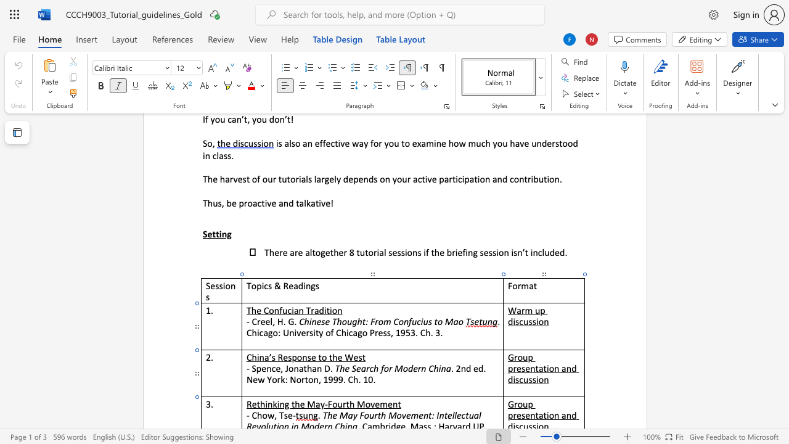 This screenshot has width=789, height=444. What do you see at coordinates (537, 368) in the screenshot?
I see `the 1th character "t" in the text` at bounding box center [537, 368].